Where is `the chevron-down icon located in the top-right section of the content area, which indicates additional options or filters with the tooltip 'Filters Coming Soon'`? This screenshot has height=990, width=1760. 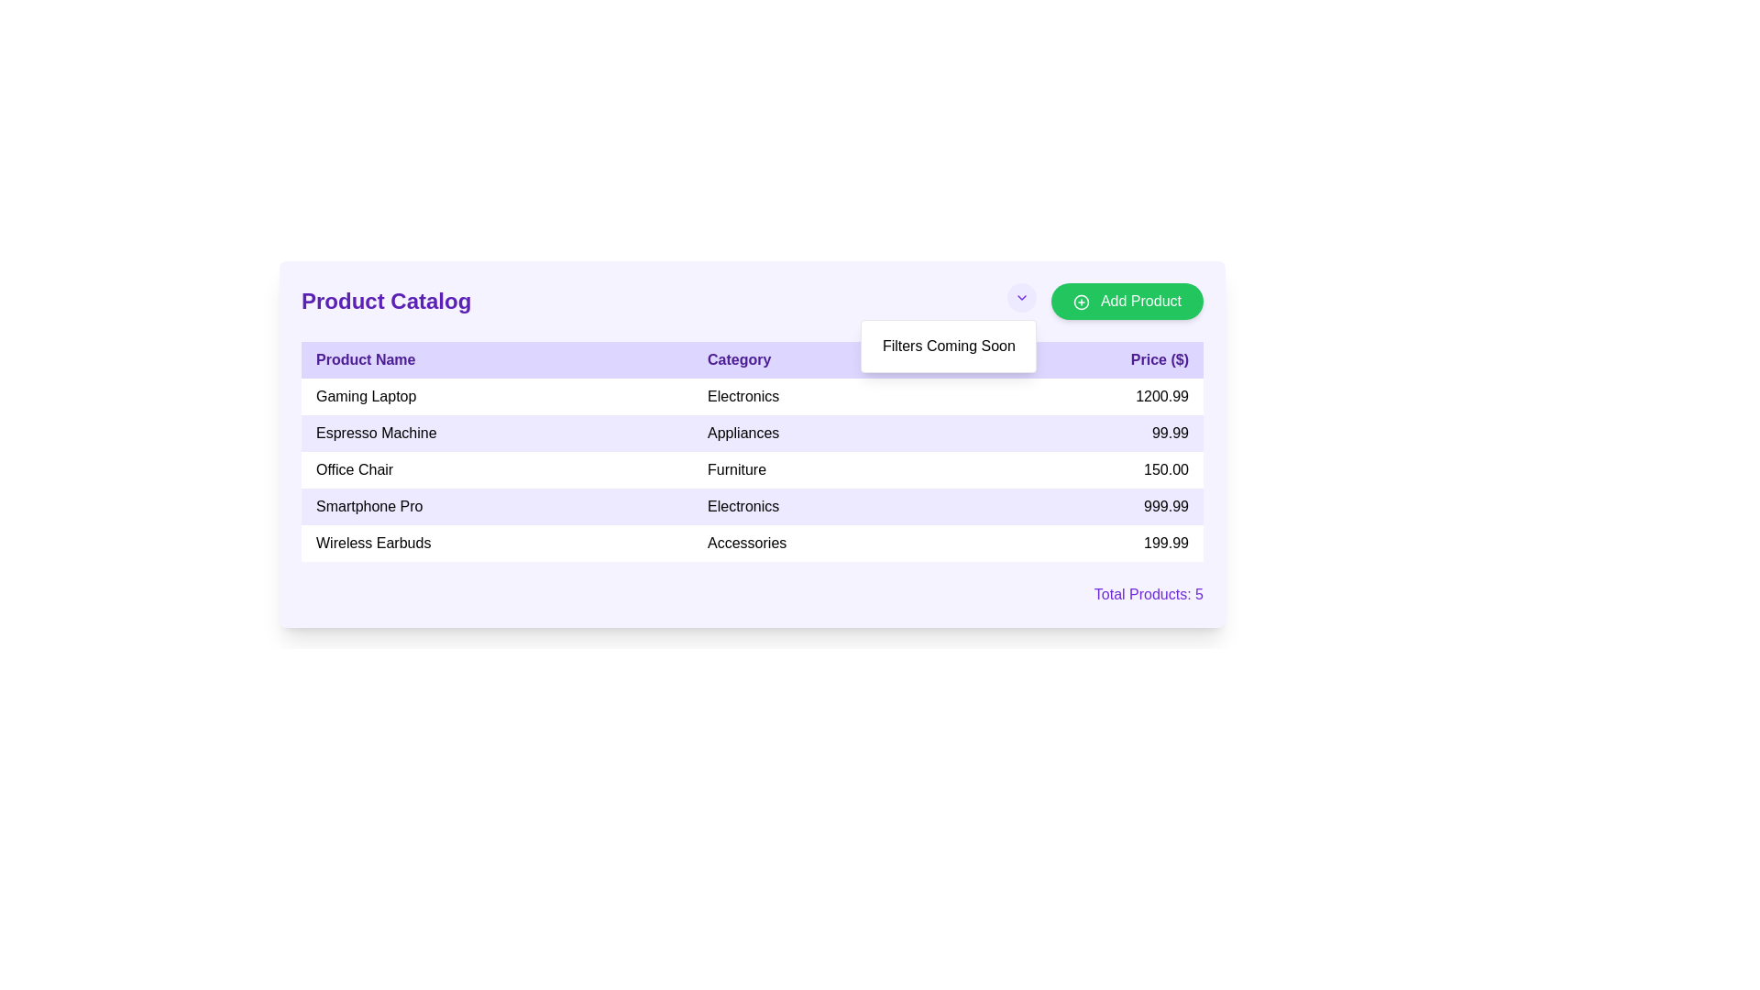 the chevron-down icon located in the top-right section of the content area, which indicates additional options or filters with the tooltip 'Filters Coming Soon' is located at coordinates (1021, 300).